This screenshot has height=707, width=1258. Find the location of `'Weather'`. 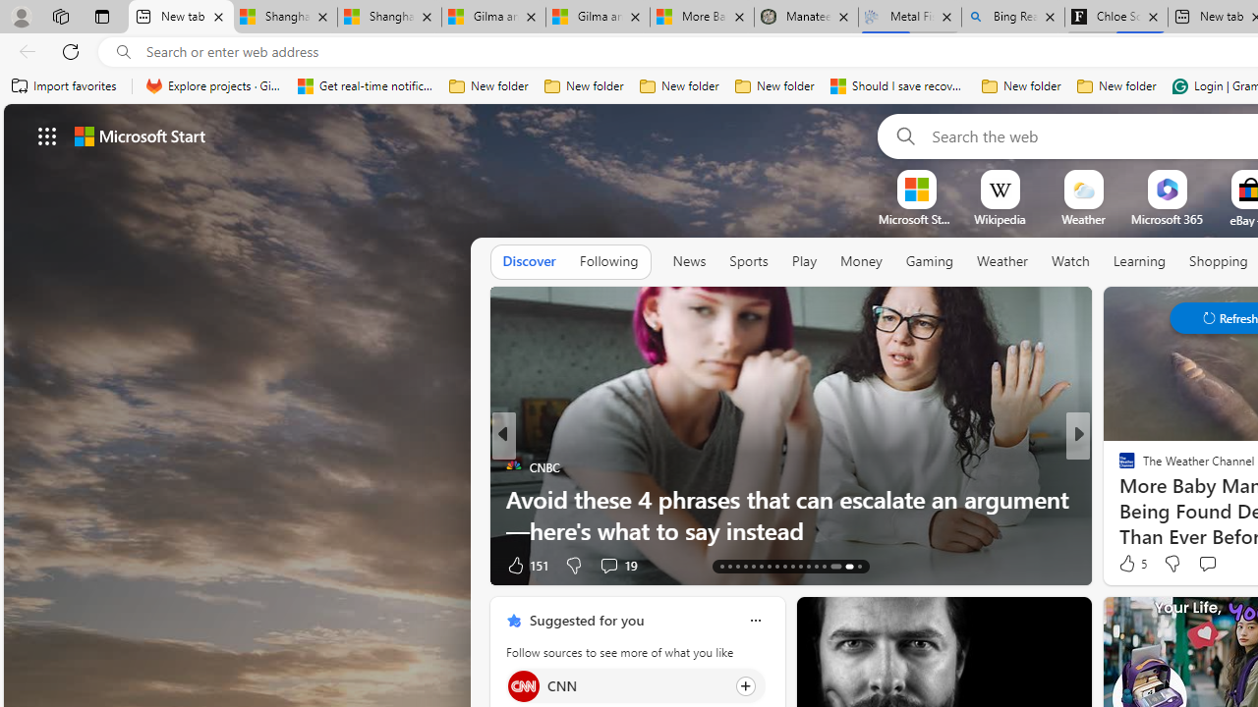

'Weather' is located at coordinates (1002, 261).